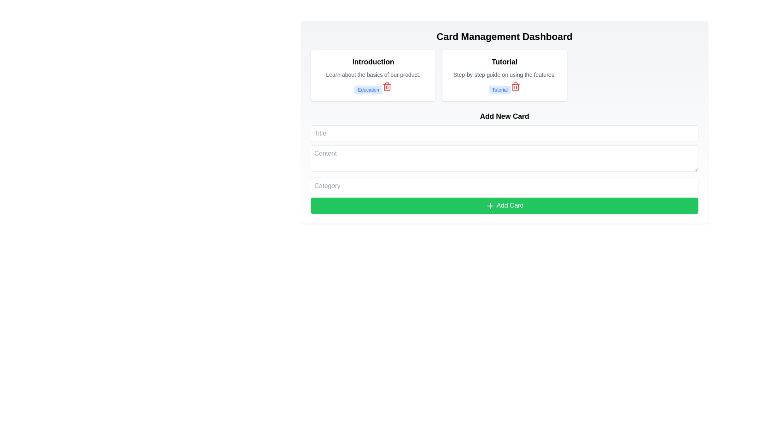 This screenshot has width=768, height=432. I want to click on the red trash can icon button located in the bottom-right area of the 'Introduction' box, so click(387, 86).